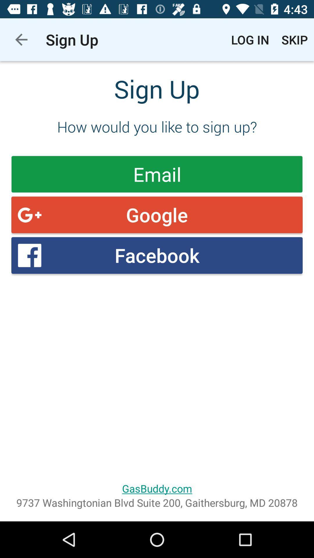  What do you see at coordinates (250, 39) in the screenshot?
I see `item above the how would you item` at bounding box center [250, 39].